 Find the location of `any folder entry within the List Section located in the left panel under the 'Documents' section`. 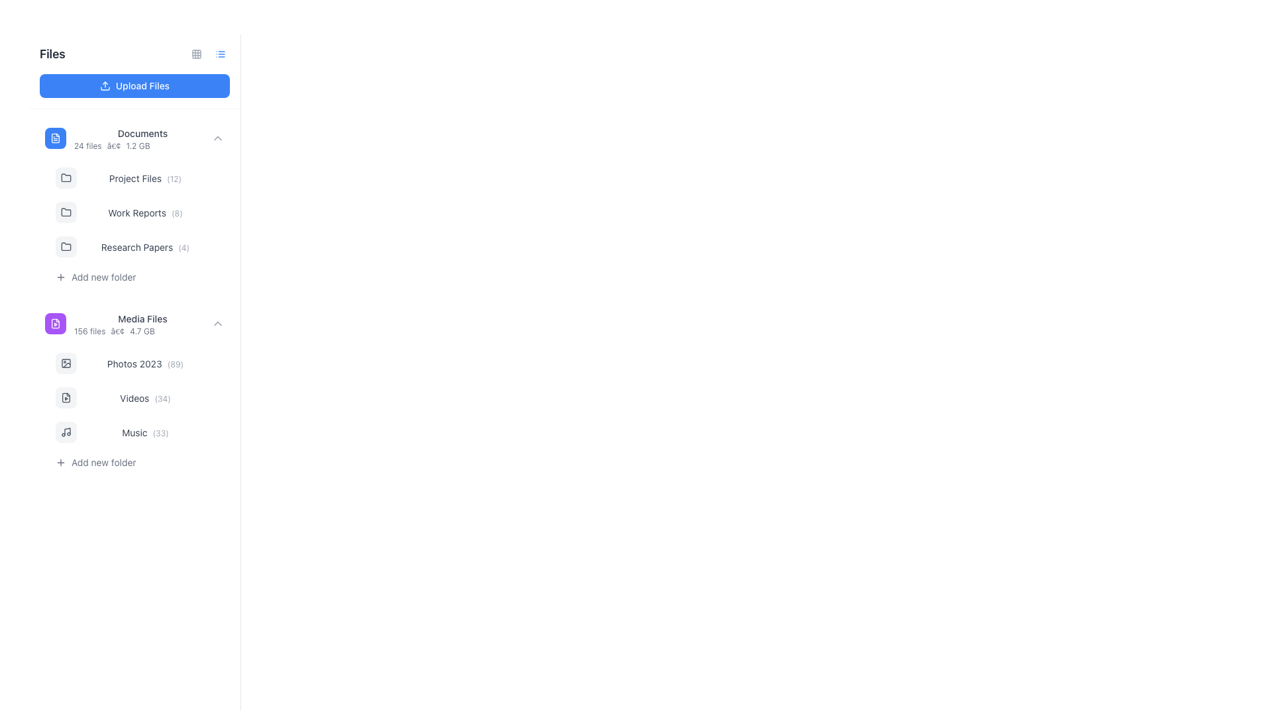

any folder entry within the List Section located in the left panel under the 'Documents' section is located at coordinates (140, 224).